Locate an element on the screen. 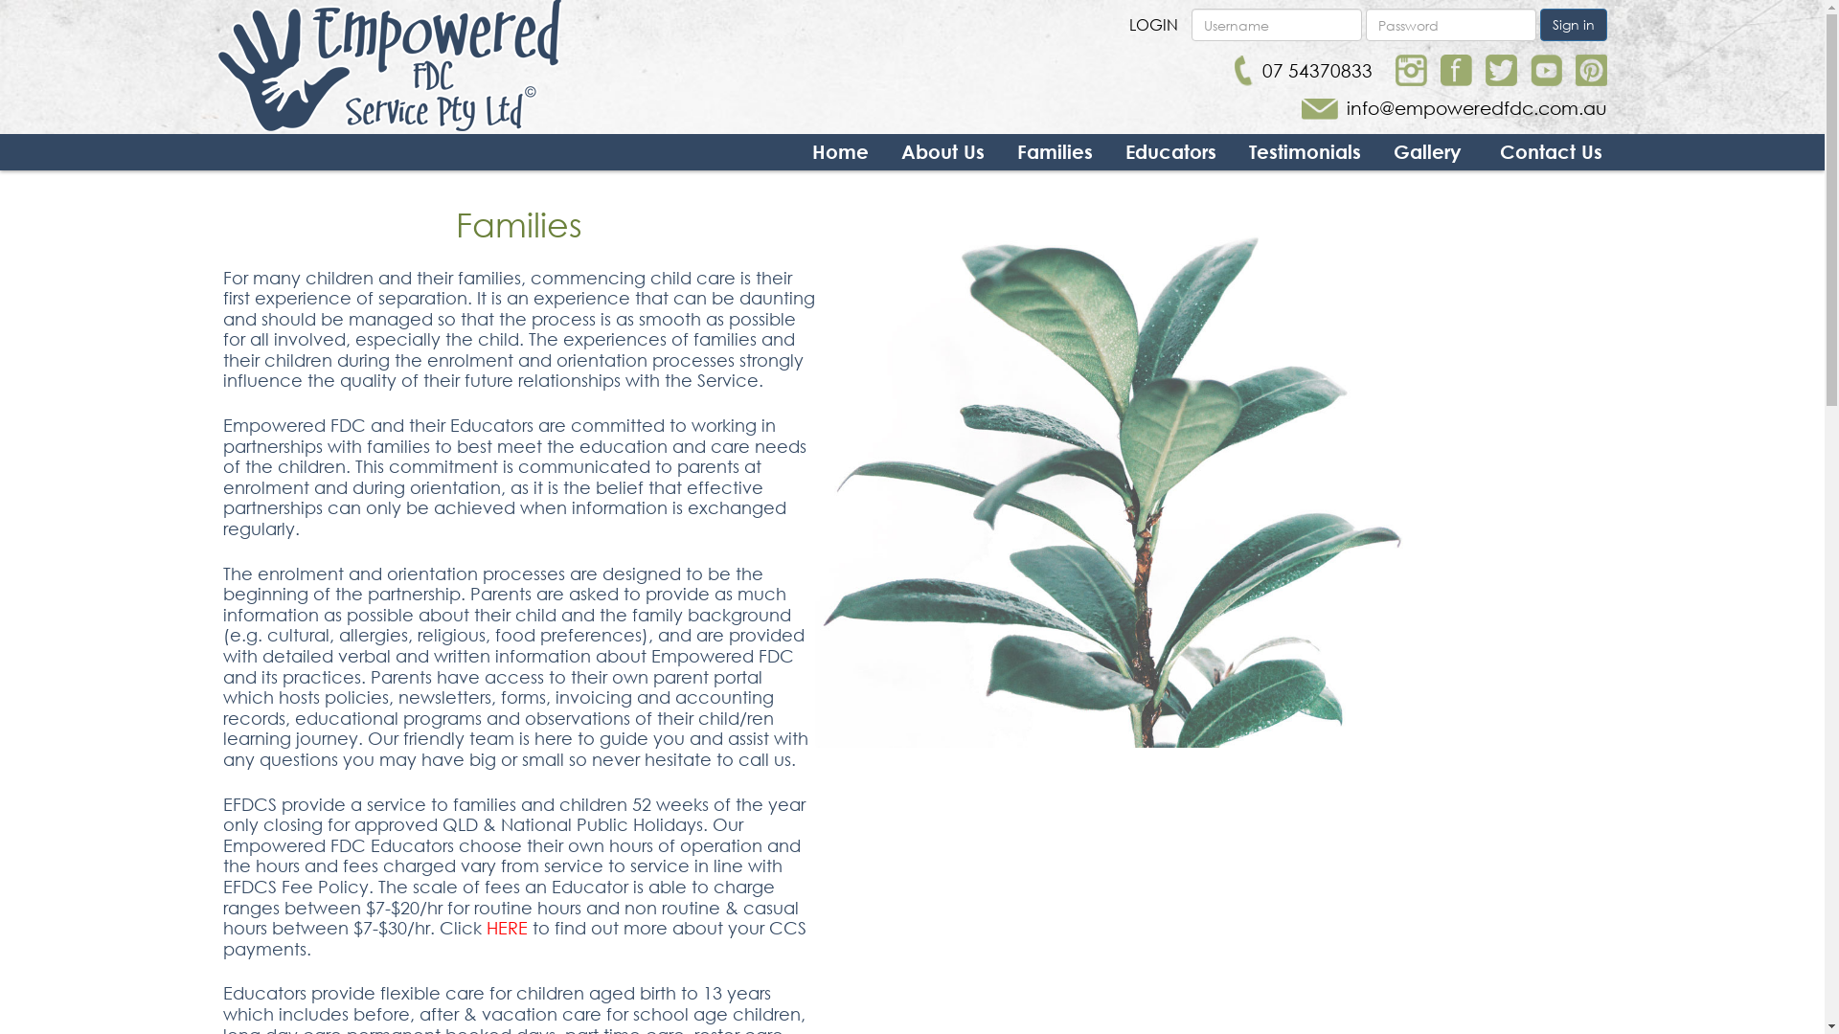 Image resolution: width=1839 pixels, height=1034 pixels. 'HERE' is located at coordinates (510, 926).